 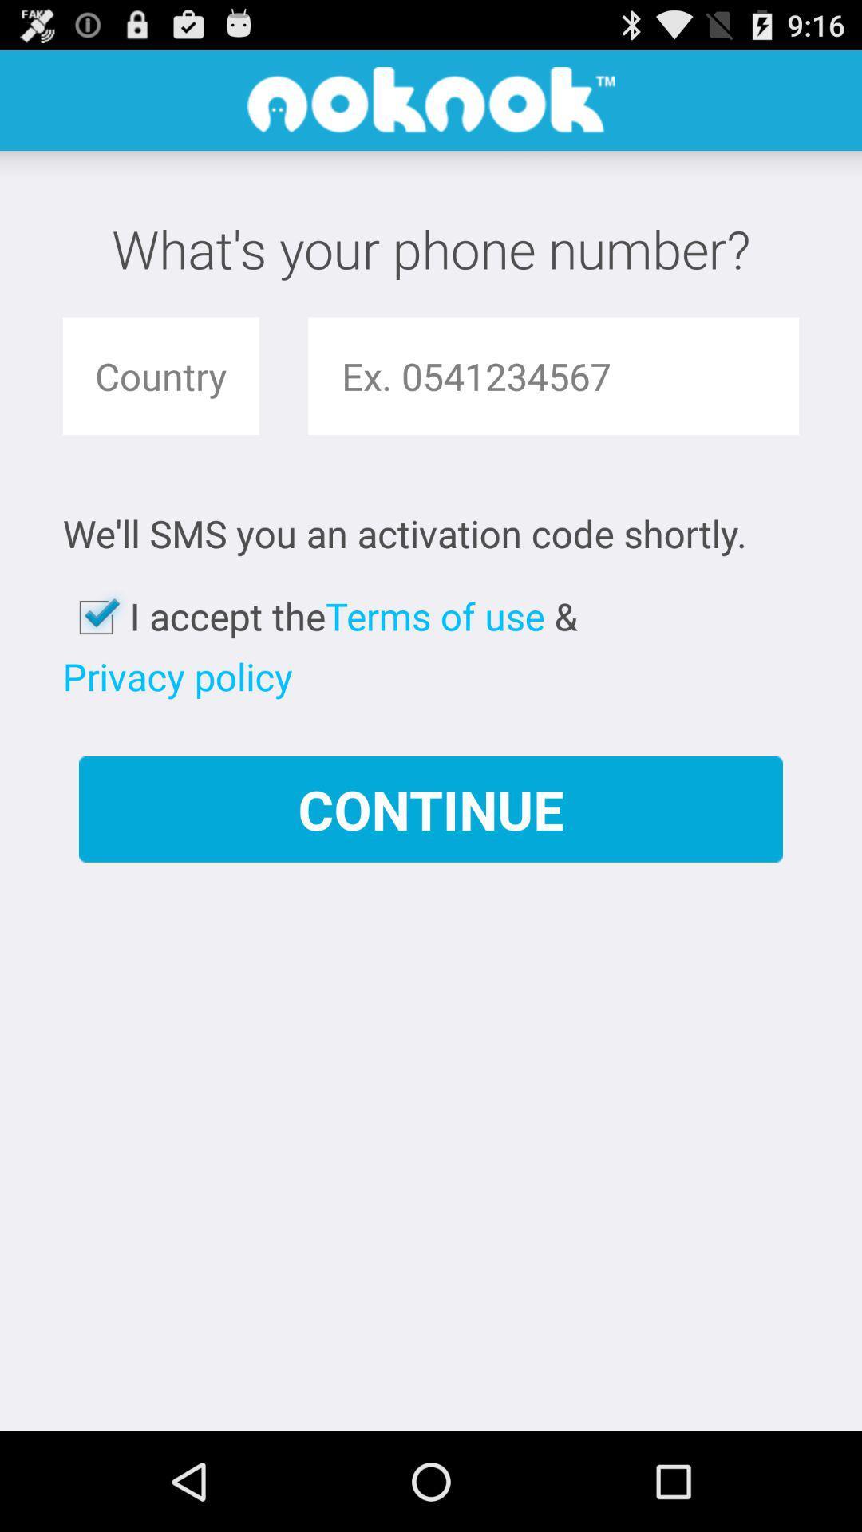 What do you see at coordinates (435, 615) in the screenshot?
I see `terms of use app` at bounding box center [435, 615].